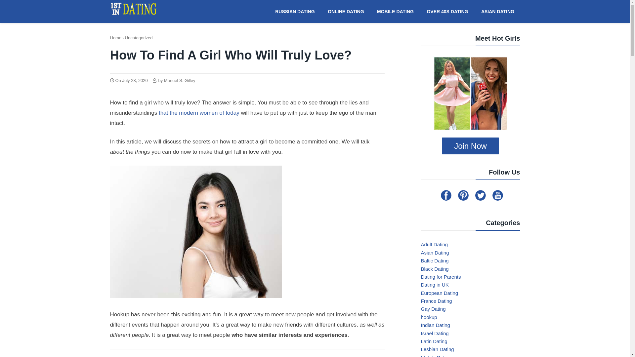  I want to click on 'European Dating', so click(439, 293).